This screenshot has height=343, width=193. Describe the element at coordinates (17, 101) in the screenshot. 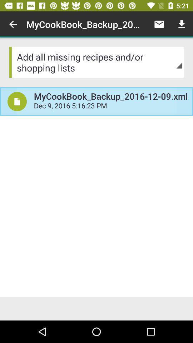

I see `the item next to mycookbook_backup_2016 12 09` at that location.